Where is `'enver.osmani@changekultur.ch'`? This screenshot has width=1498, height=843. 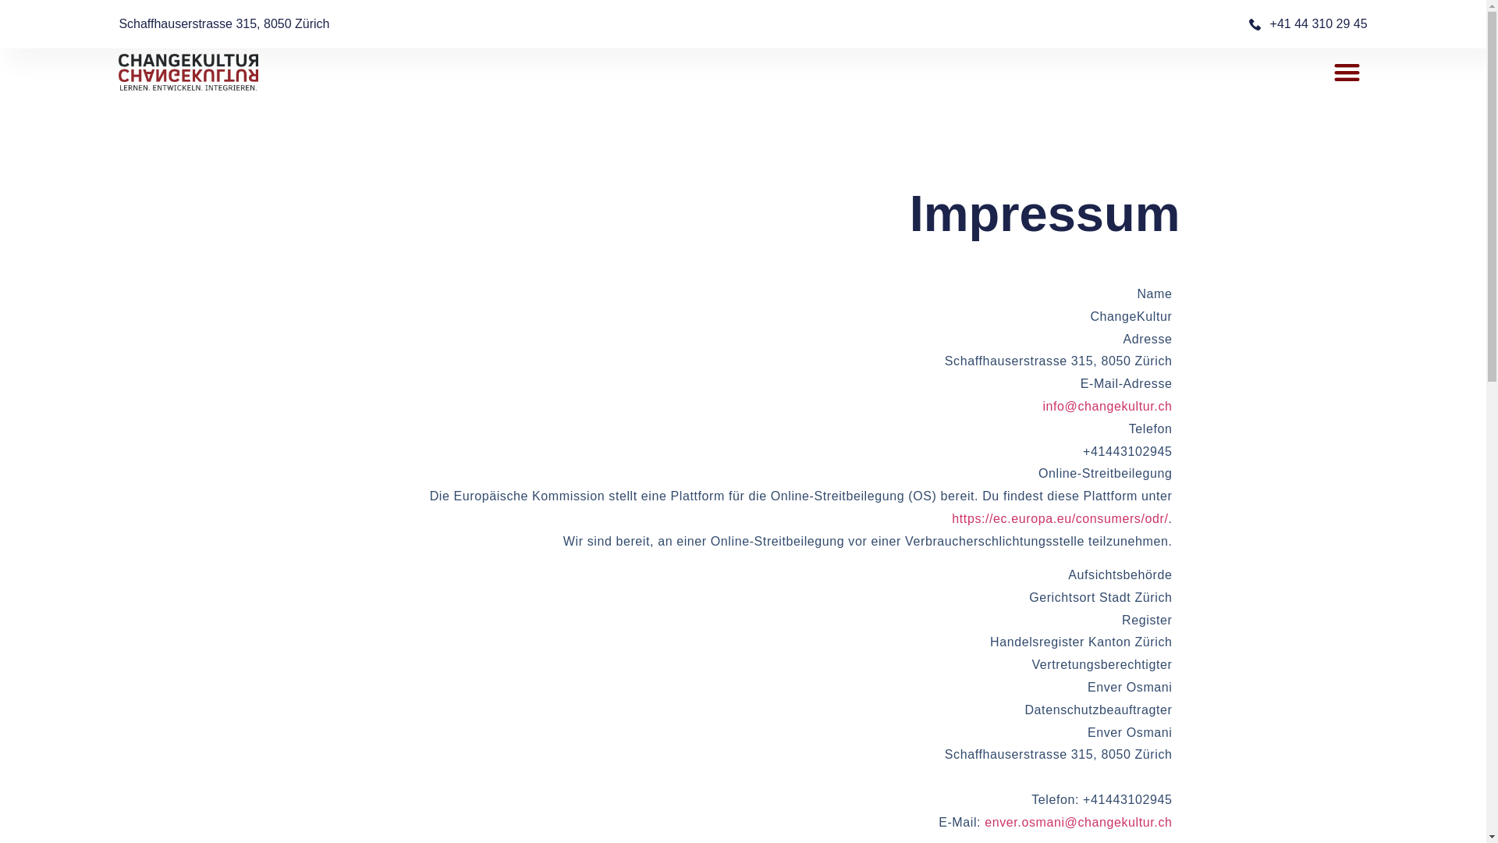 'enver.osmani@changekultur.ch' is located at coordinates (1077, 821).